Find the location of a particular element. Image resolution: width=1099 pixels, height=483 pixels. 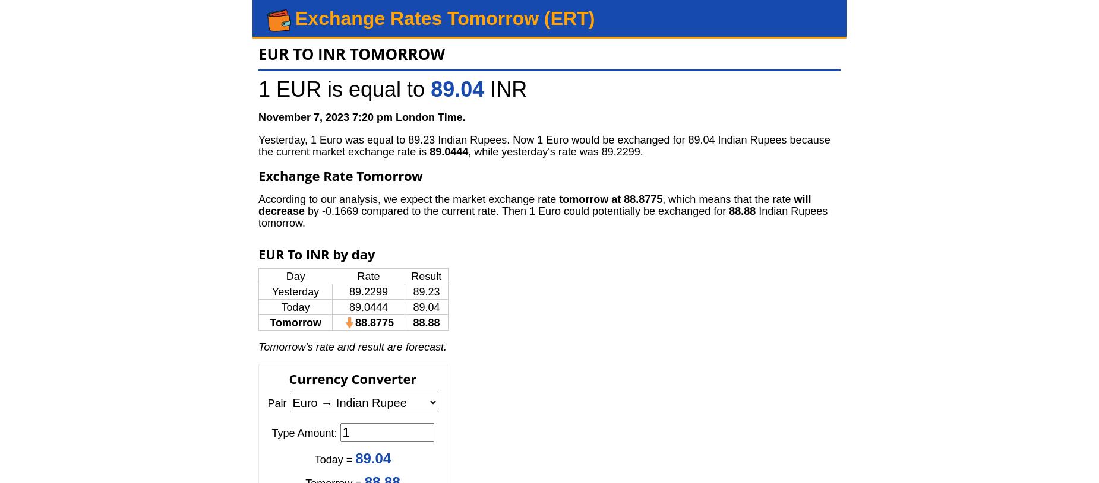

'According to our analysis, we expect the market exchange rate' is located at coordinates (409, 199).